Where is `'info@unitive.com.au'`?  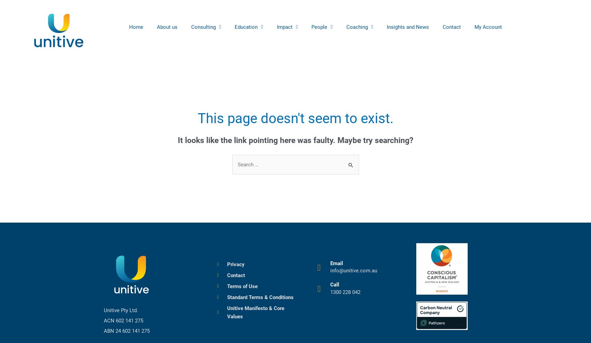
'info@unitive.com.au' is located at coordinates (330, 271).